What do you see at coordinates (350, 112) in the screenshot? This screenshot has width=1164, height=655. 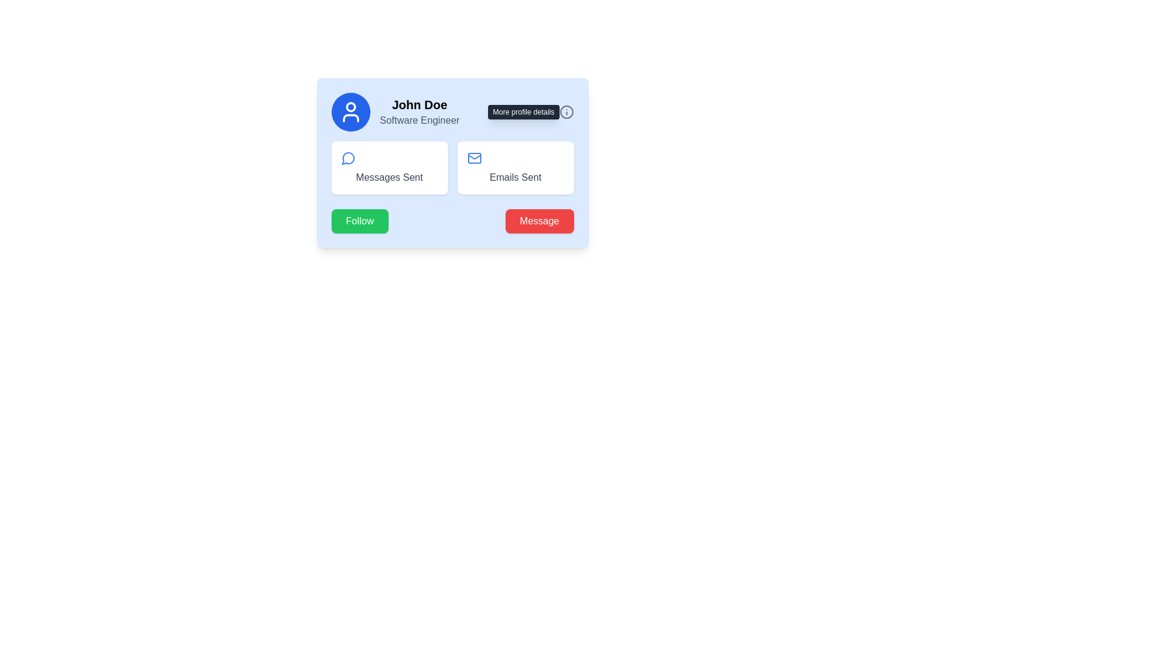 I see `the circular icon or profile picture placeholder located at the far left of the user card header, which serves as a user identification element` at bounding box center [350, 112].